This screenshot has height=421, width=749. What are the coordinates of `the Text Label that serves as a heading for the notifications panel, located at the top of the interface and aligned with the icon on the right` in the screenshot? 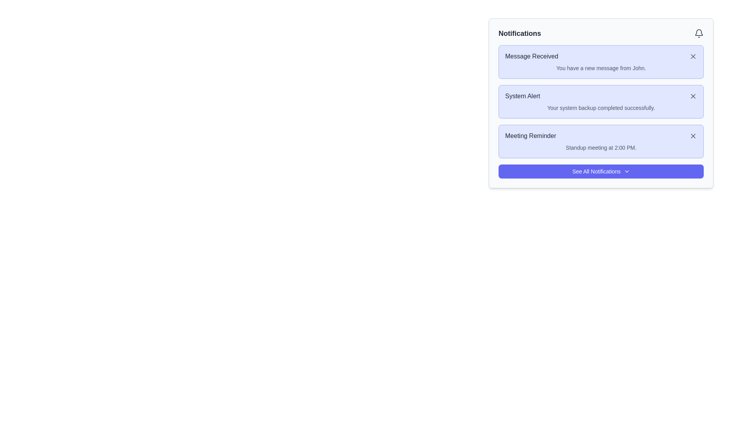 It's located at (520, 33).